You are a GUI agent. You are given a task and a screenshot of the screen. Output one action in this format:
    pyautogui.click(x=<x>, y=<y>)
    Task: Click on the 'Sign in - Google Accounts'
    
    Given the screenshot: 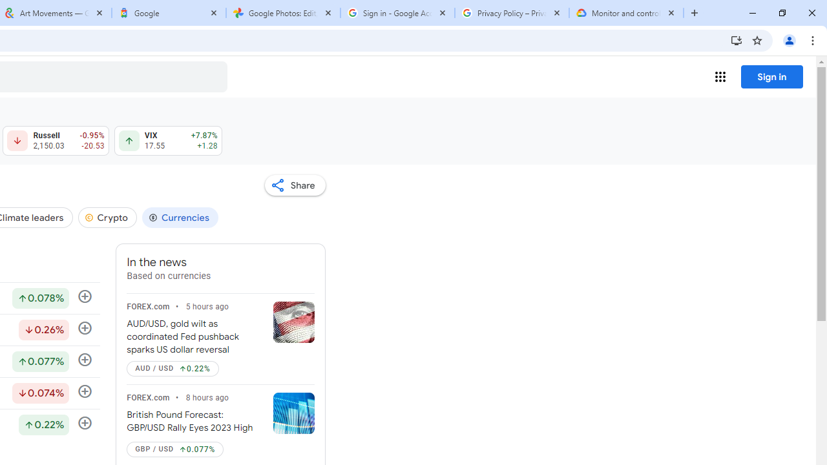 What is the action you would take?
    pyautogui.click(x=397, y=13)
    